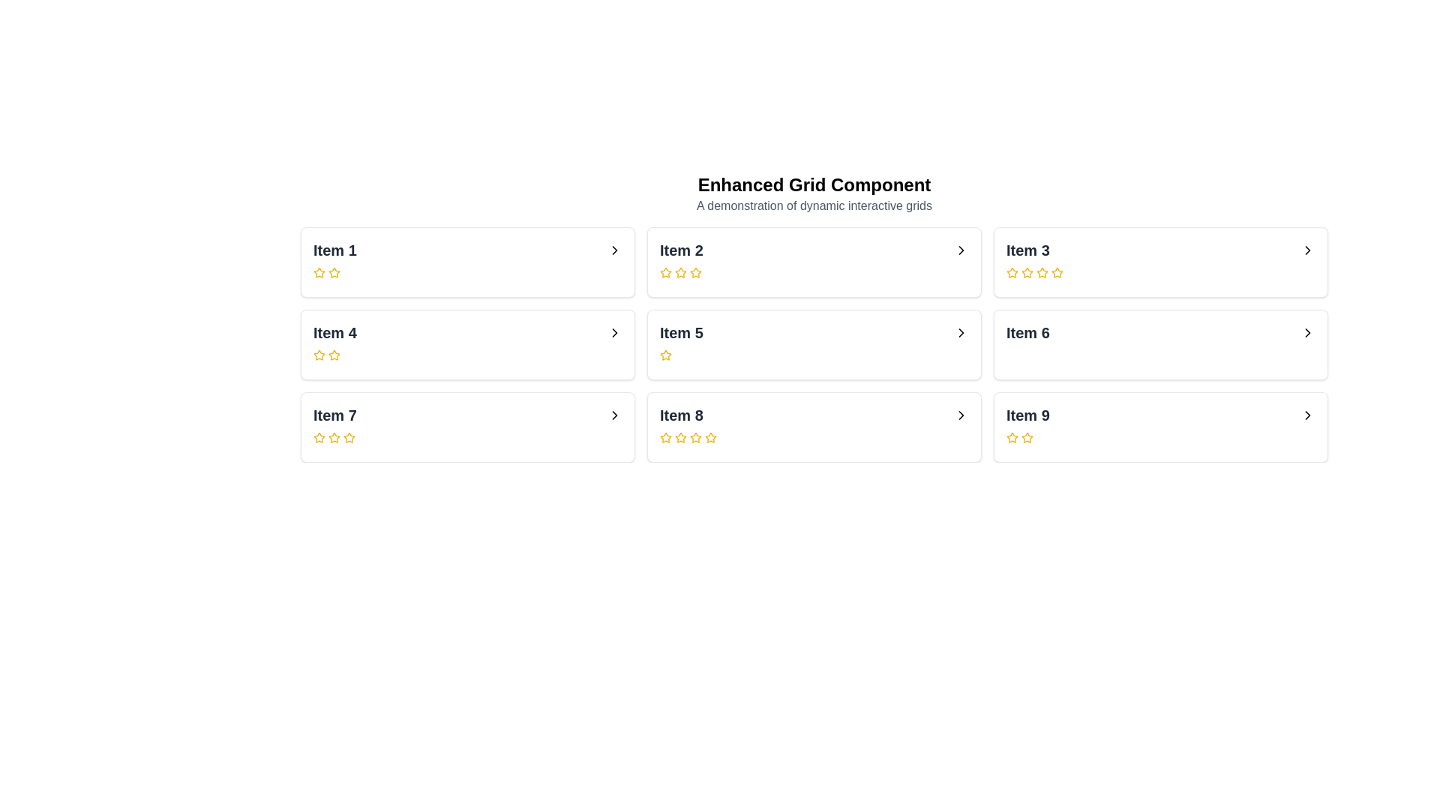 The height and width of the screenshot is (810, 1440). I want to click on the Chevron icon located to the far right of the 'Item 7' entry, so click(615, 415).